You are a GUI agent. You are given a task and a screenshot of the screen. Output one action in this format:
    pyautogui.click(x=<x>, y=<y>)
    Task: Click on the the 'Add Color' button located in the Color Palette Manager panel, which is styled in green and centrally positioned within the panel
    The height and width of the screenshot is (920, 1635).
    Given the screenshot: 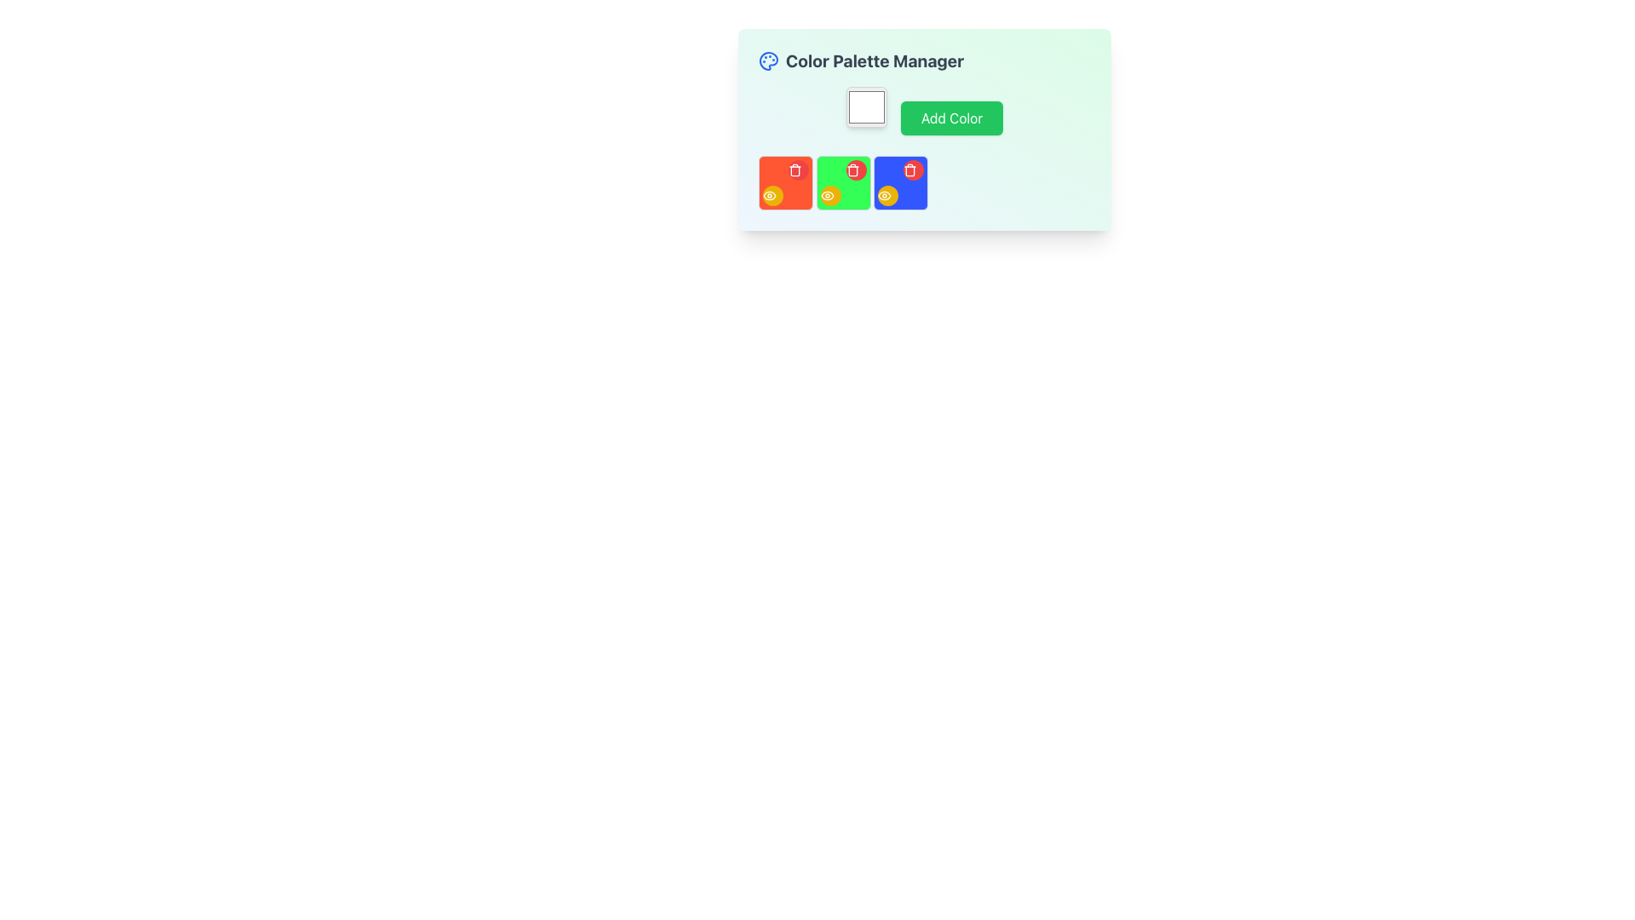 What is the action you would take?
    pyautogui.click(x=923, y=129)
    